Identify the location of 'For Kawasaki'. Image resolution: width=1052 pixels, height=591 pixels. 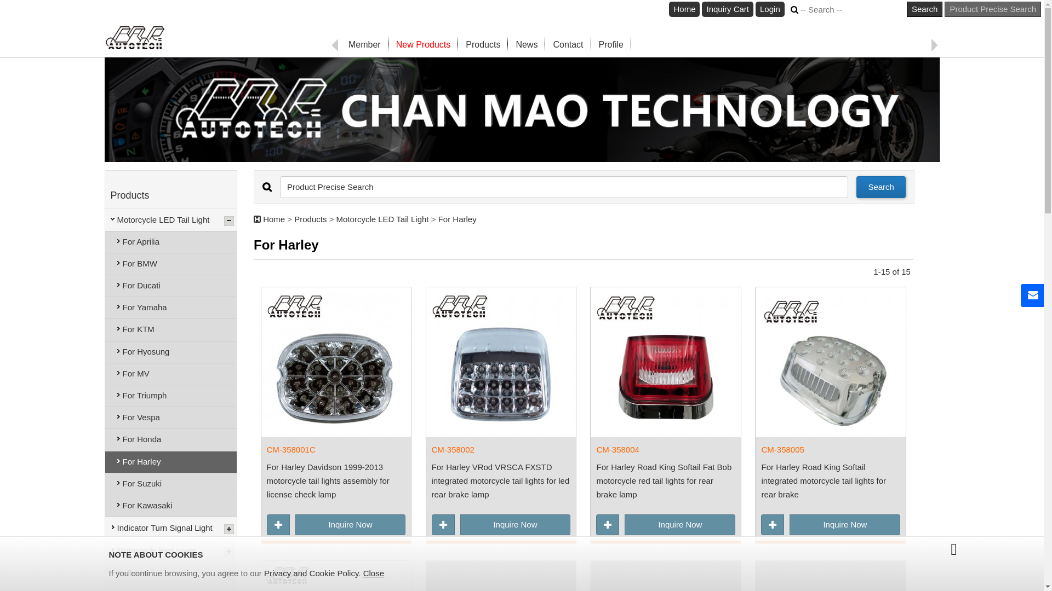
(170, 506).